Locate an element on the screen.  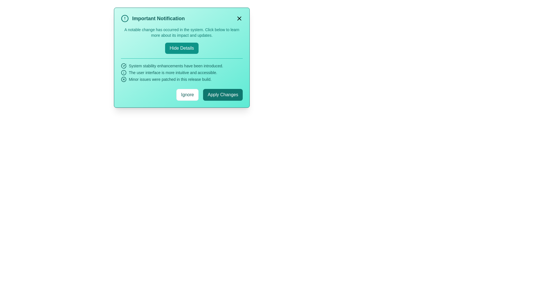
informational text block containing three messages with circular icons, located centrally in the 'Important Notification' modal, just below the 'Hide Details' button is located at coordinates (182, 70).